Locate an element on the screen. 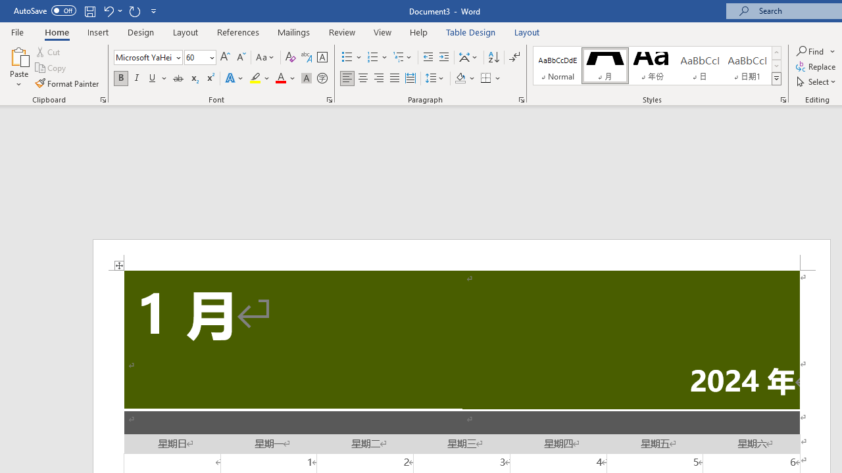 This screenshot has height=473, width=842. 'Format Painter' is located at coordinates (67, 83).